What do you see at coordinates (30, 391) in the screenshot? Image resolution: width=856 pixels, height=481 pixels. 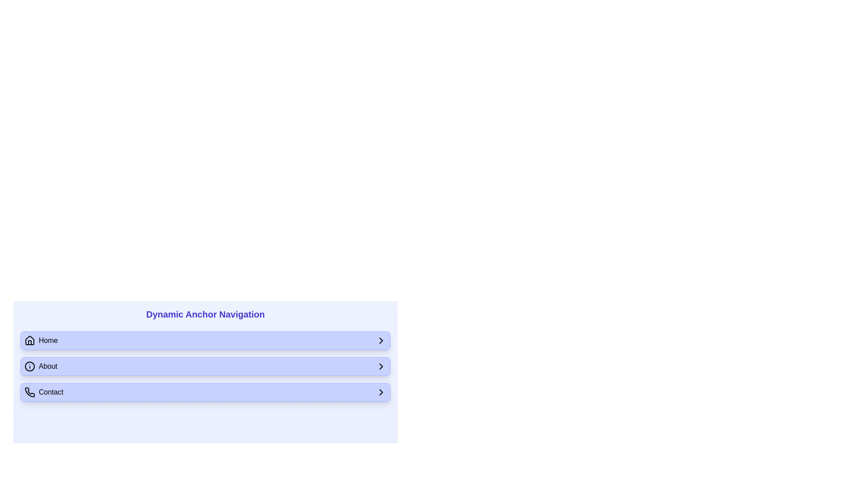 I see `the phone icon with a minimalist design, located to the left of the 'Contact' label in the vertical menu list` at bounding box center [30, 391].